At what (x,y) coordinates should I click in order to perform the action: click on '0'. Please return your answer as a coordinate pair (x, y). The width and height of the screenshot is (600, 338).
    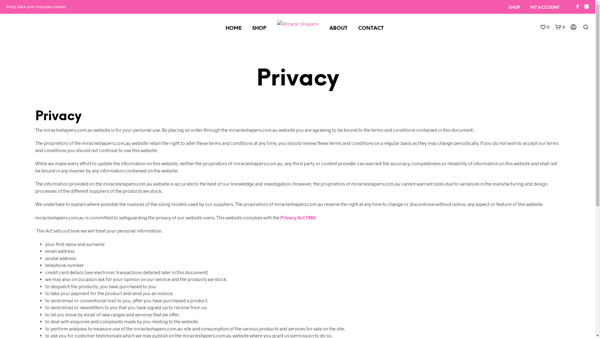
    Looking at the image, I should click on (544, 27).